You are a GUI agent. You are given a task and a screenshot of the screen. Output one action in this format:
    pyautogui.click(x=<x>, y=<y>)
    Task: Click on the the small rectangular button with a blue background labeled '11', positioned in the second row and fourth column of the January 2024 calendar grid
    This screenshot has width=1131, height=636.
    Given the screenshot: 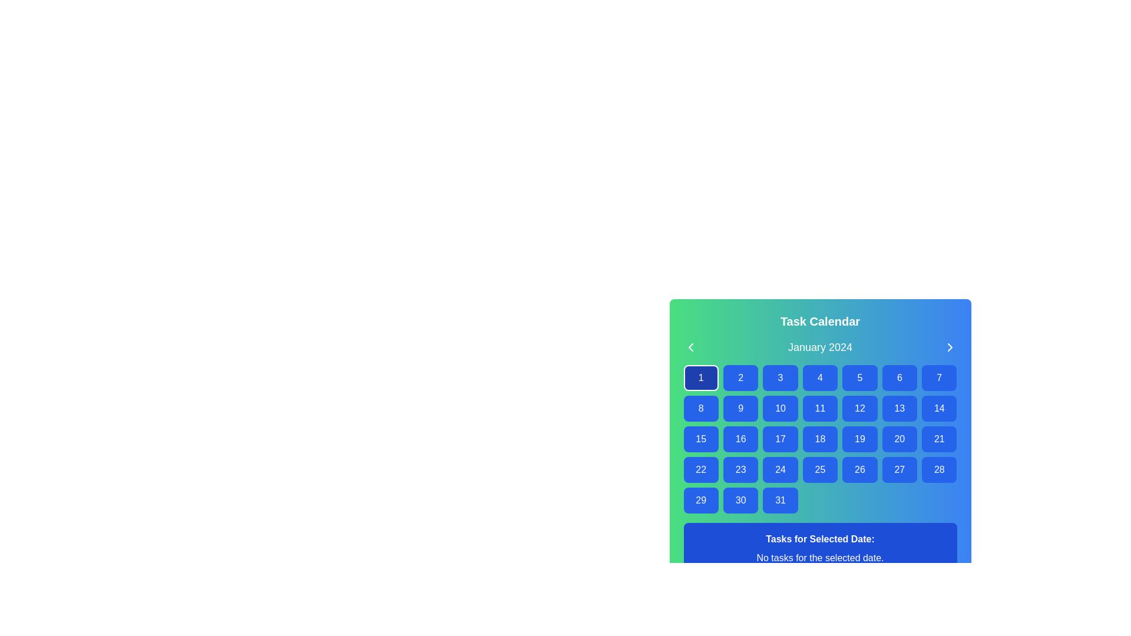 What is the action you would take?
    pyautogui.click(x=819, y=408)
    